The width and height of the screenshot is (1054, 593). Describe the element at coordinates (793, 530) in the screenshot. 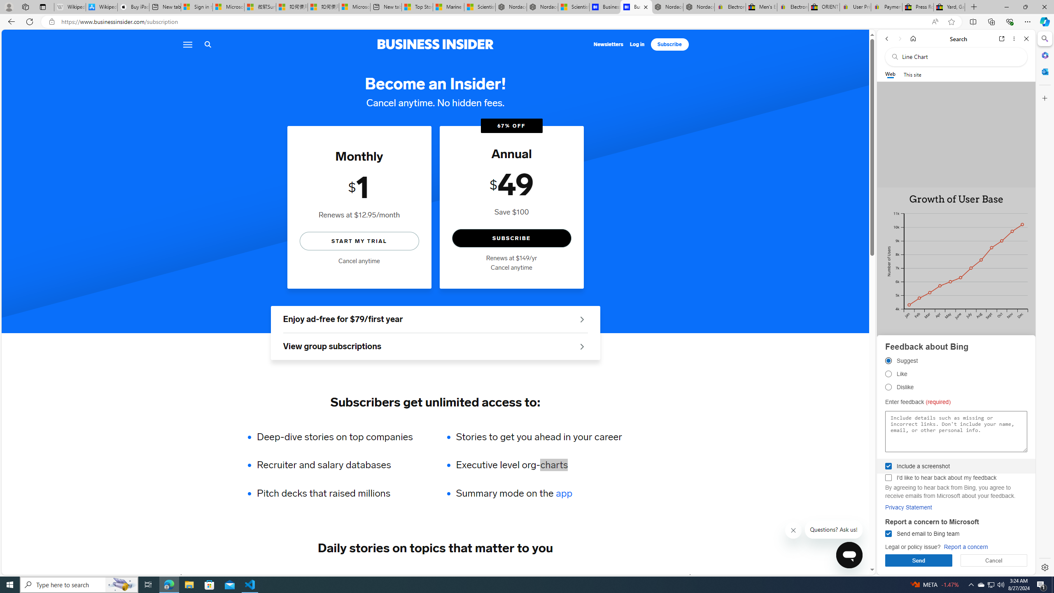

I see `'Class: sc-1uf0igr-1 fjHZYk'` at that location.